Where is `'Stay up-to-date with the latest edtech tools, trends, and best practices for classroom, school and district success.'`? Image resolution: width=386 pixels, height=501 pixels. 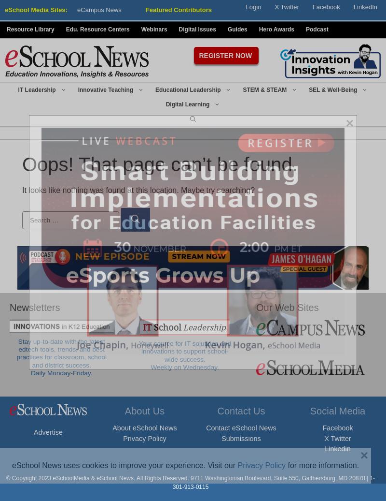 'Stay up-to-date with the latest edtech tools, trends, and best practices for classroom, school and district success.' is located at coordinates (61, 353).